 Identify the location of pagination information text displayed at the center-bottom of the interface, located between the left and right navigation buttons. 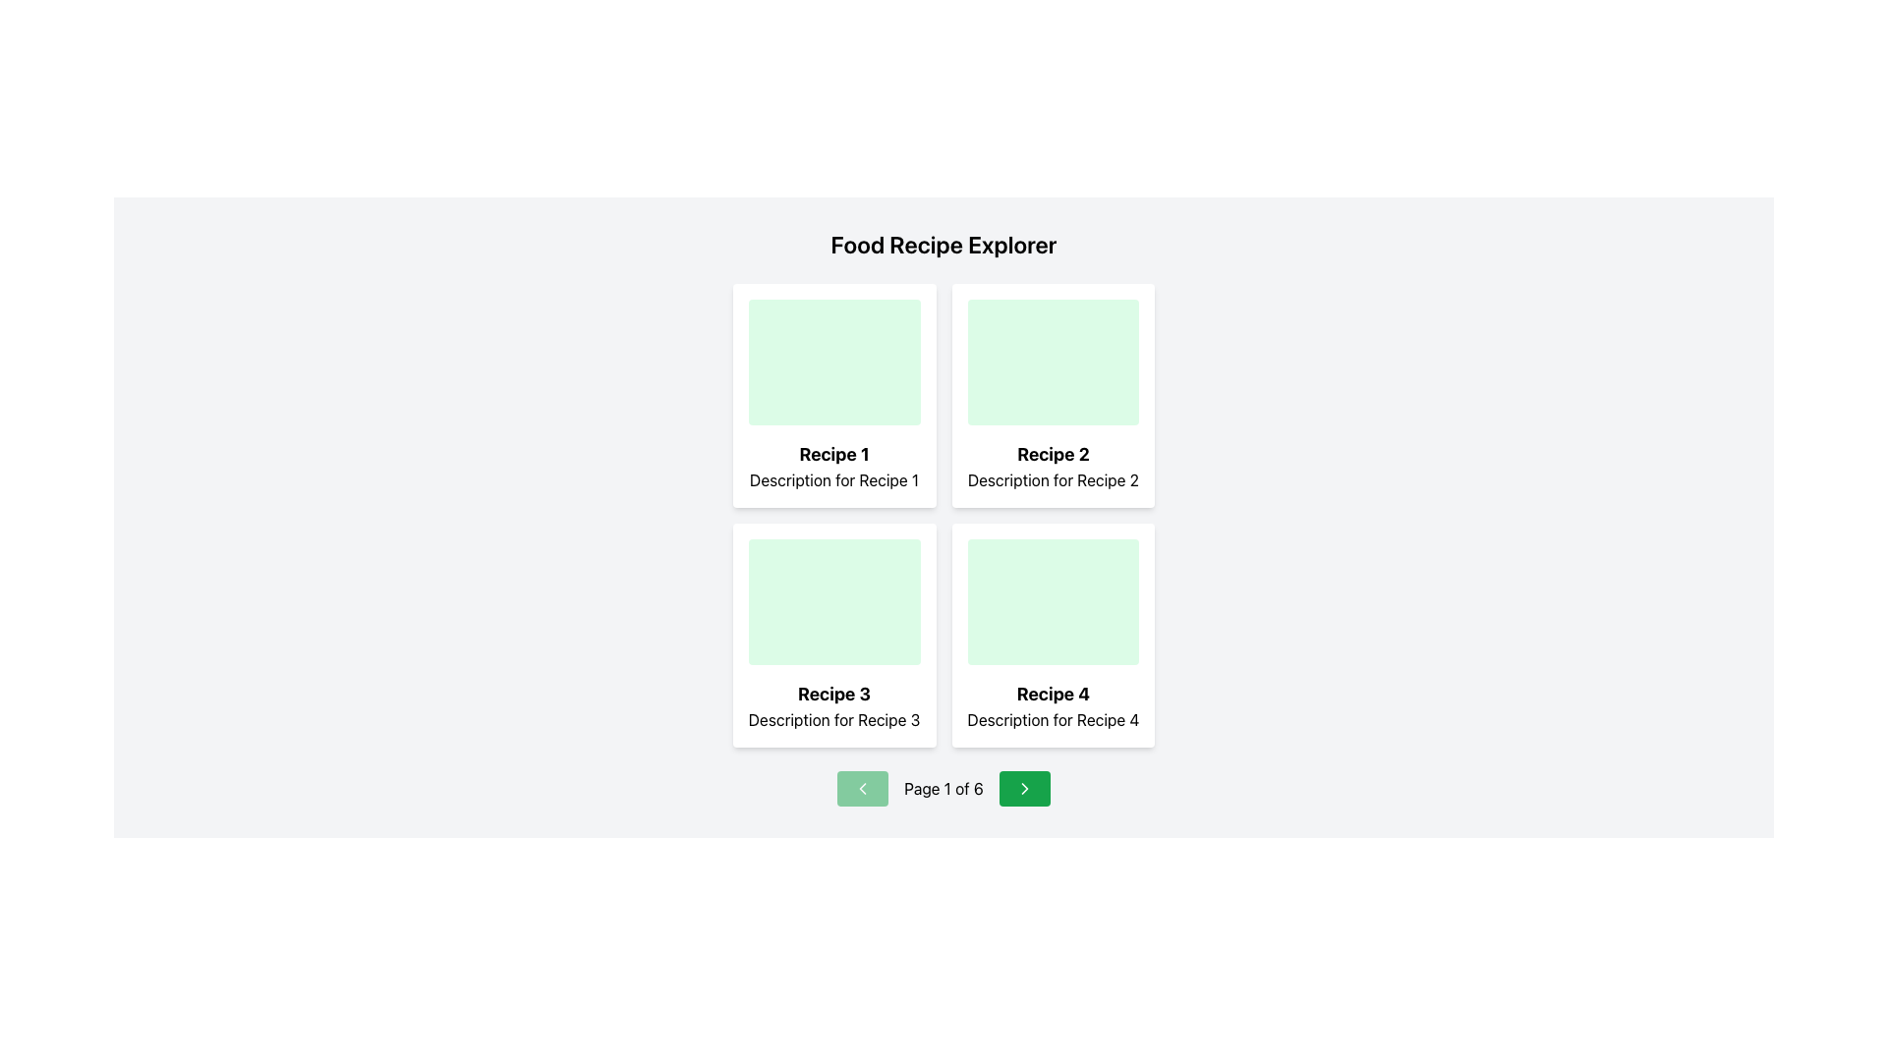
(943, 787).